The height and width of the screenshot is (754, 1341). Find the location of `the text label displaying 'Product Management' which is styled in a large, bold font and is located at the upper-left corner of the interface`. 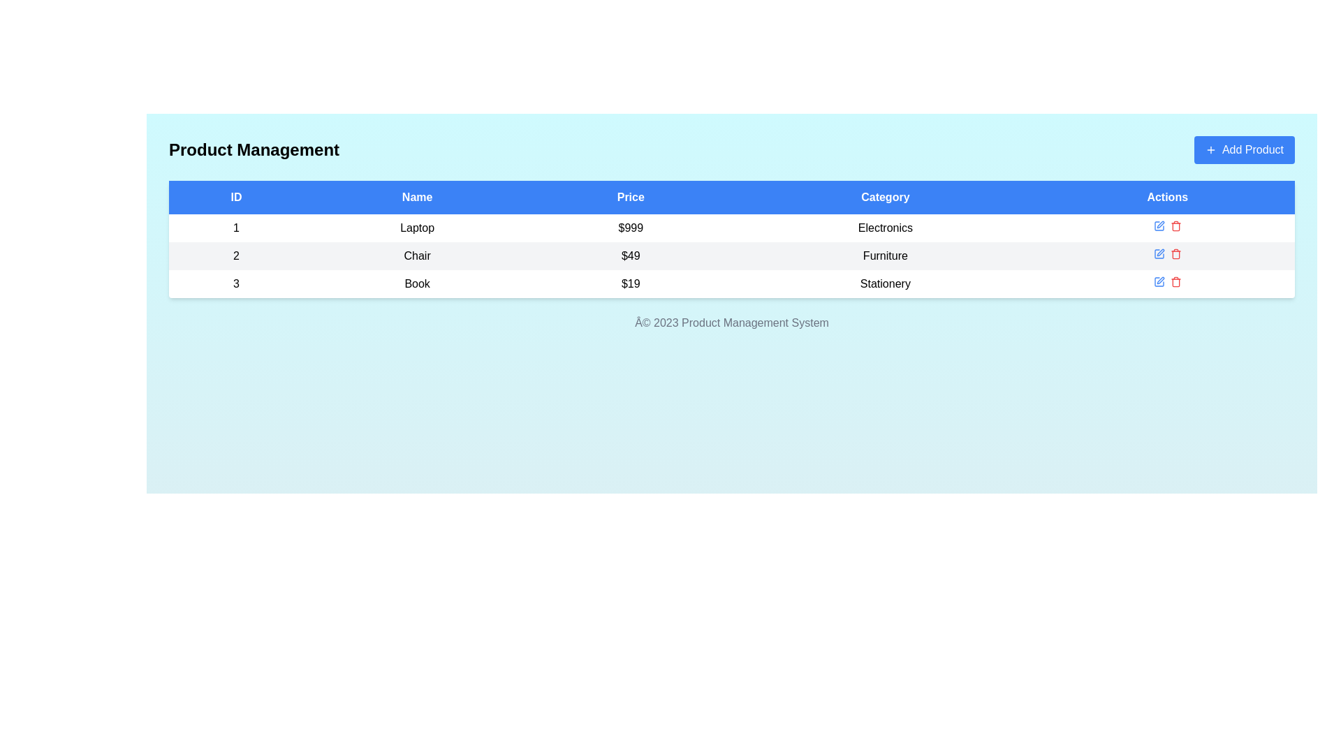

the text label displaying 'Product Management' which is styled in a large, bold font and is located at the upper-left corner of the interface is located at coordinates (254, 150).